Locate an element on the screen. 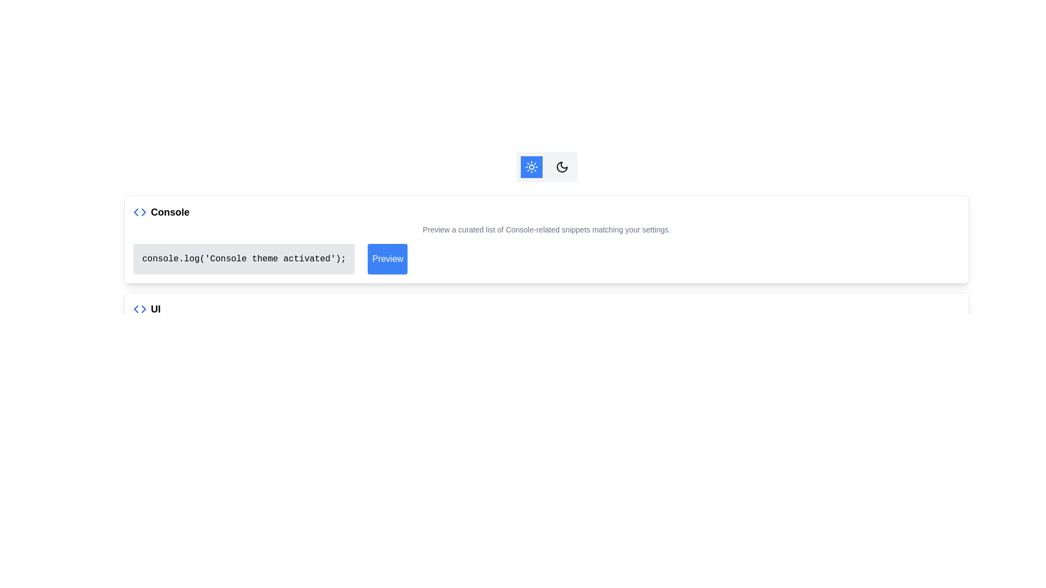  the icon button located in the top-center section of the interface, positioned to the right of the sun icon button is located at coordinates (562, 167).